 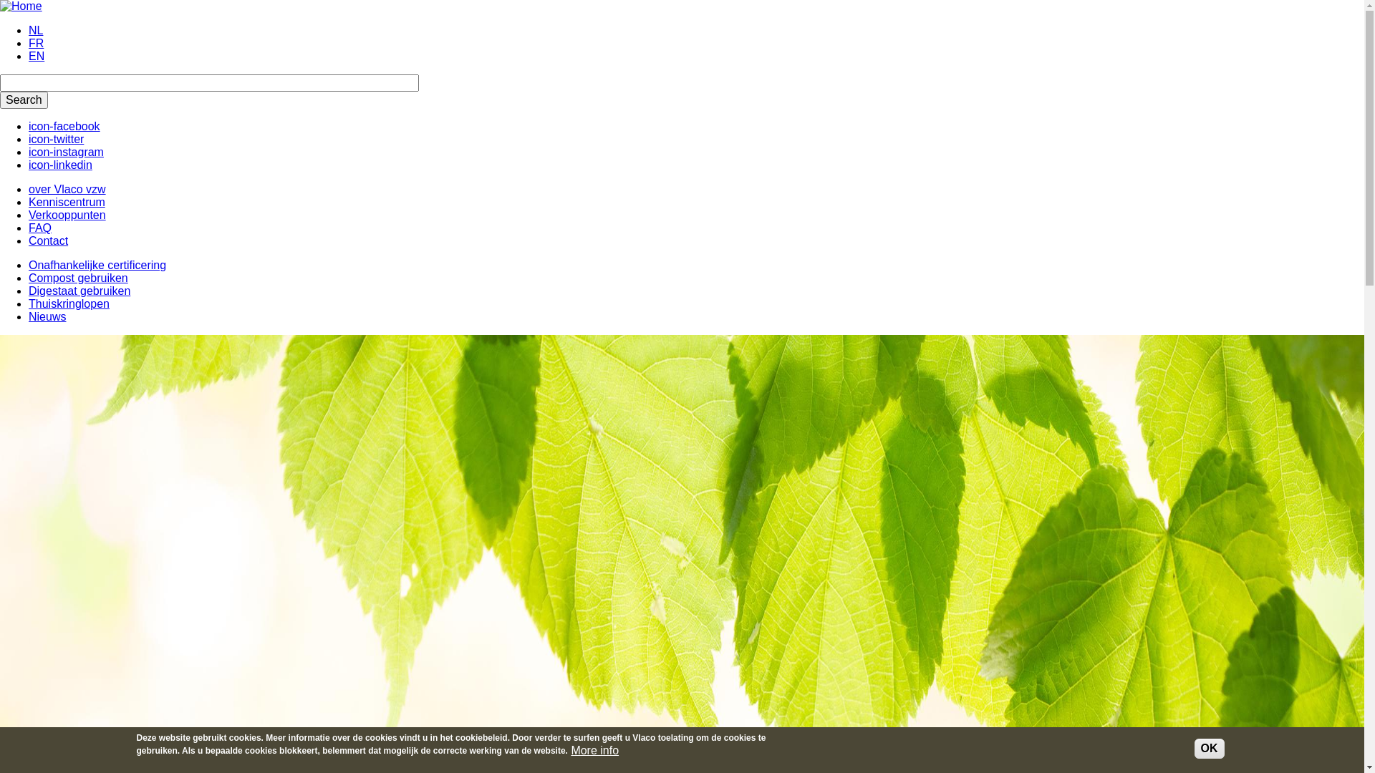 I want to click on 'Onafhankelijke certificering', so click(x=28, y=265).